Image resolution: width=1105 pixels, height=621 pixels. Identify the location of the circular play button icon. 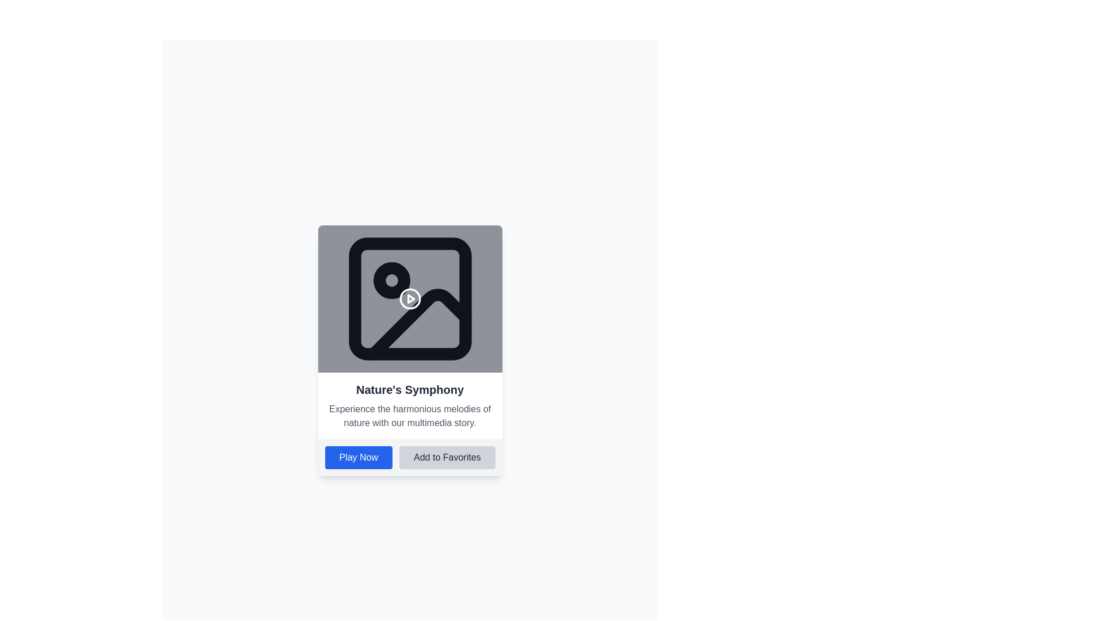
(410, 298).